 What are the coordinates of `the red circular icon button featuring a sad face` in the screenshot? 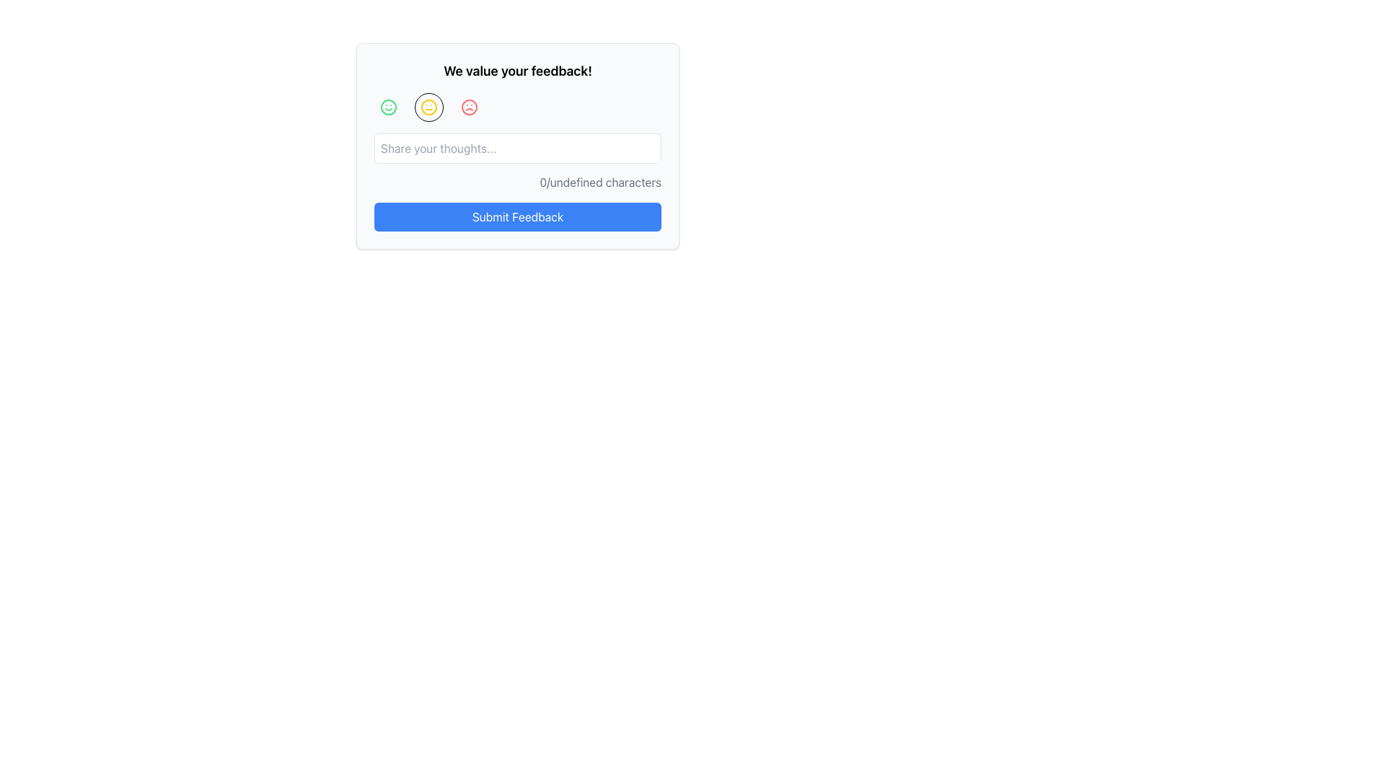 It's located at (470, 107).